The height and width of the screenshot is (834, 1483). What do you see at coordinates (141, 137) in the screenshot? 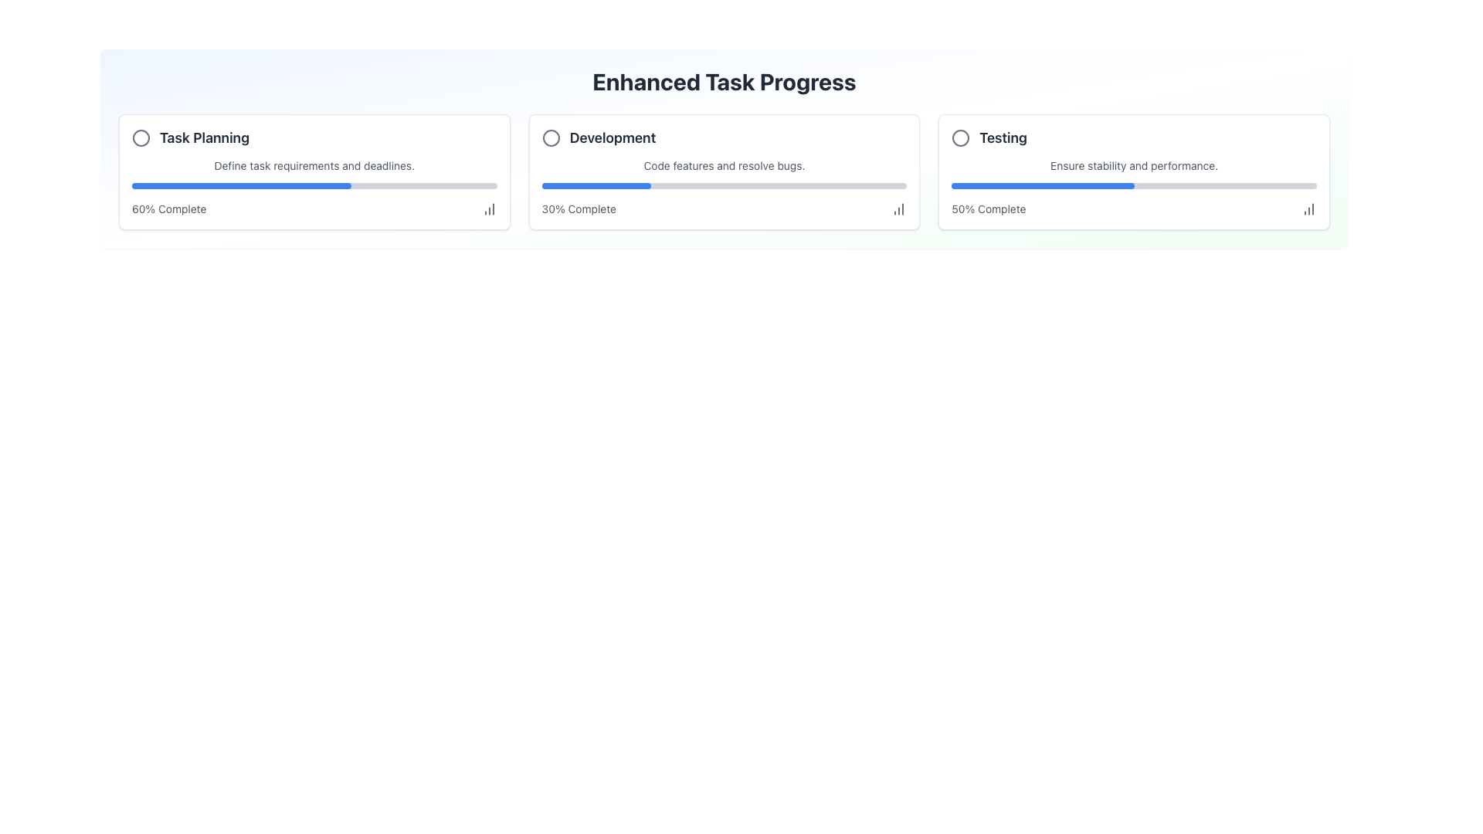
I see `the circular SVG graphic with a stroke located in the 'Task Planning' card in the upper left section of the layout` at bounding box center [141, 137].